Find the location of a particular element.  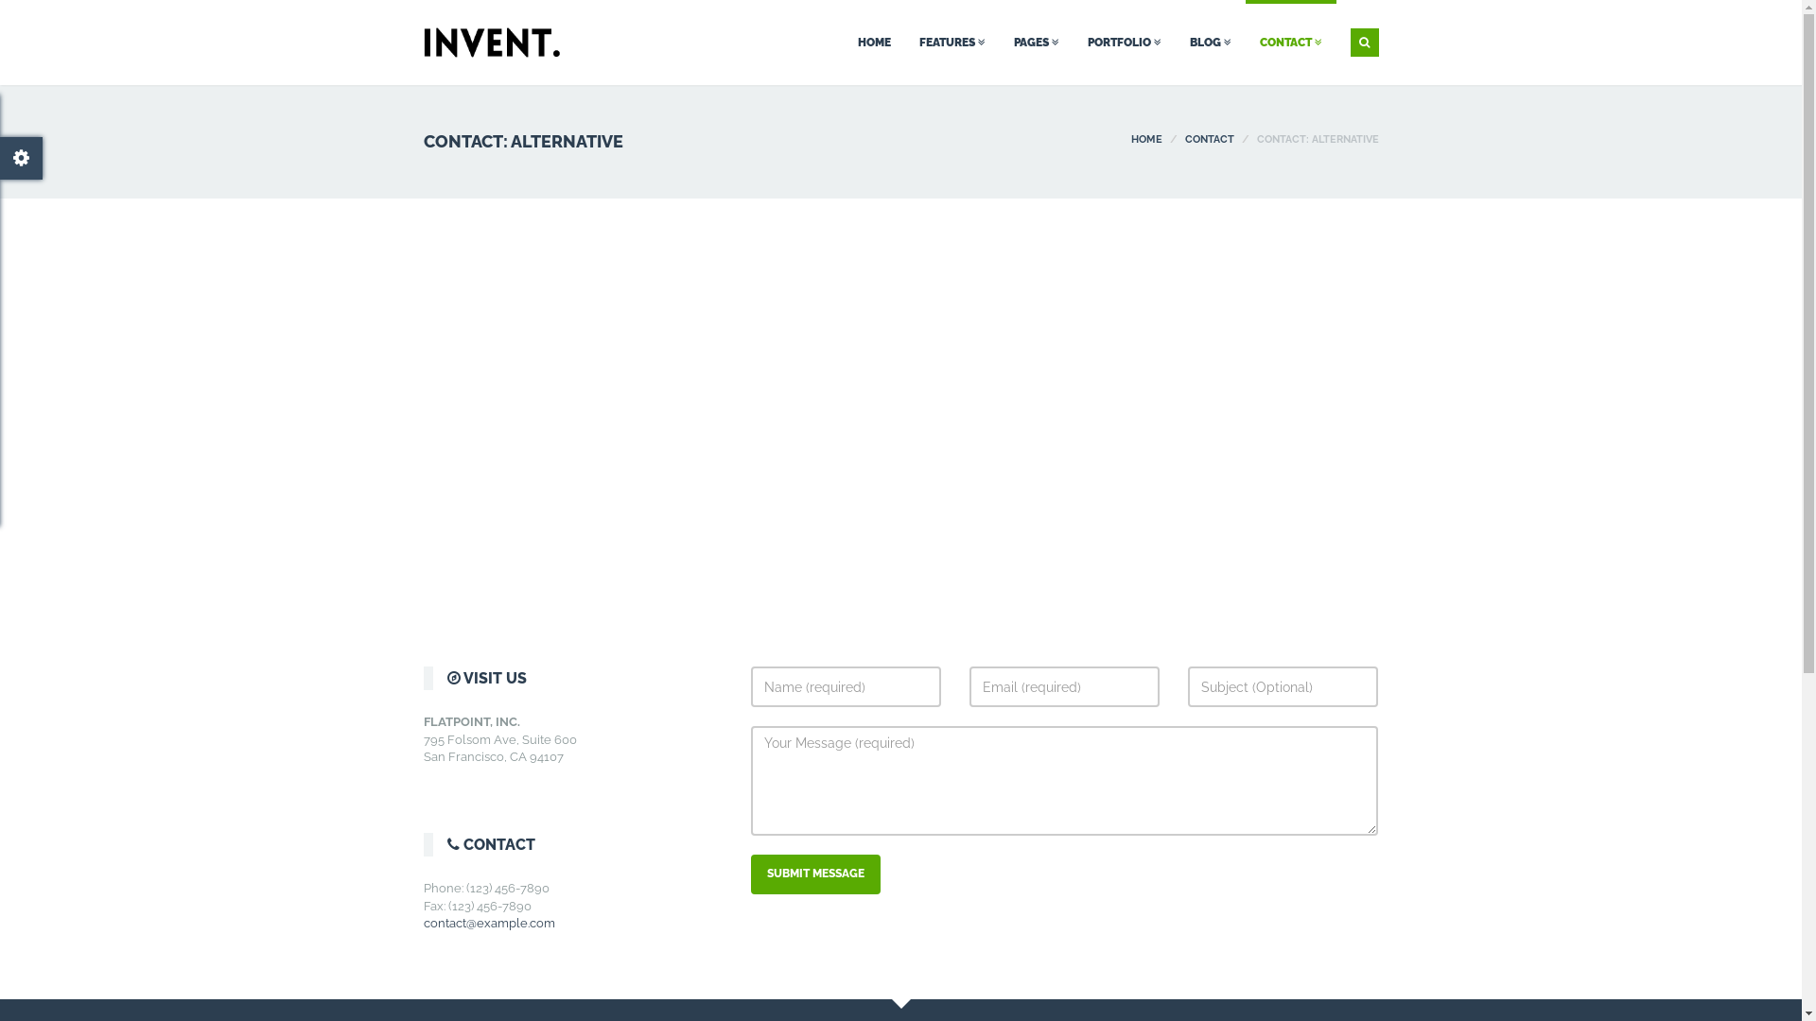

'BLOG' is located at coordinates (1208, 43).